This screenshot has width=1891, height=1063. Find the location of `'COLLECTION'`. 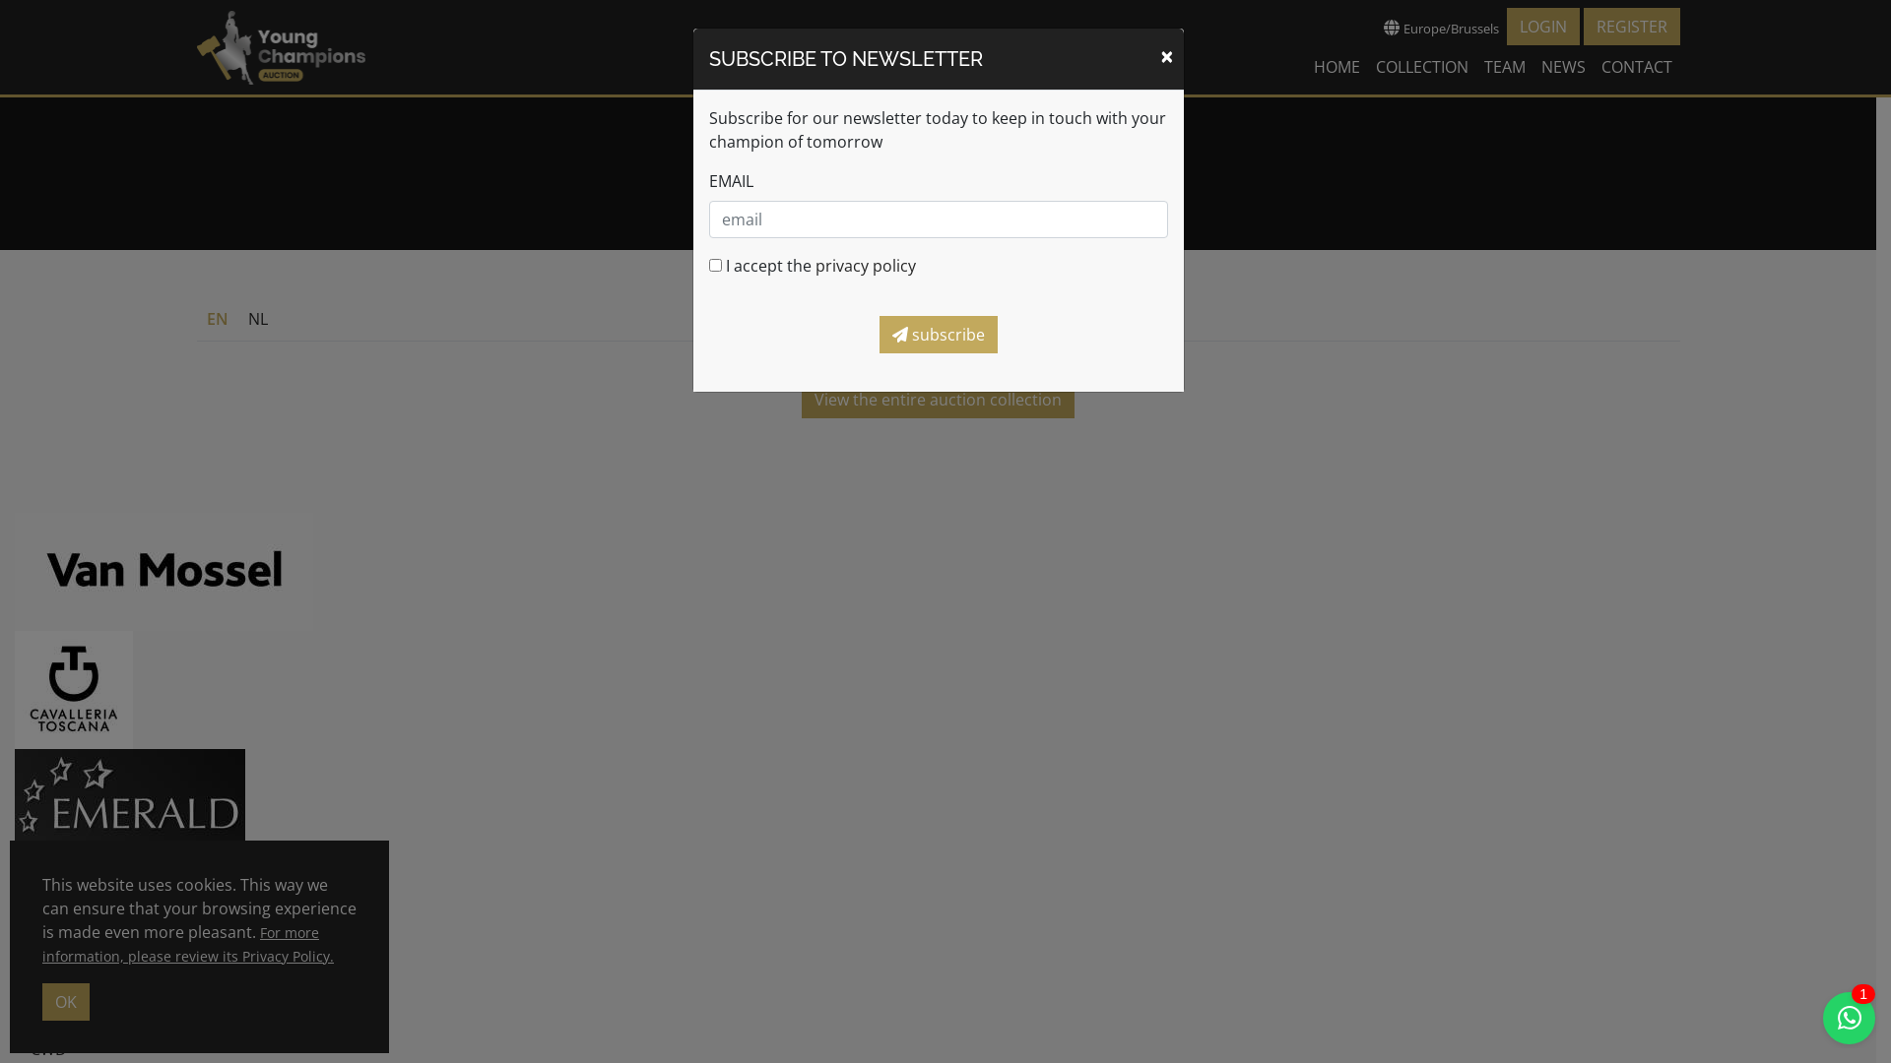

'COLLECTION' is located at coordinates (1421, 66).